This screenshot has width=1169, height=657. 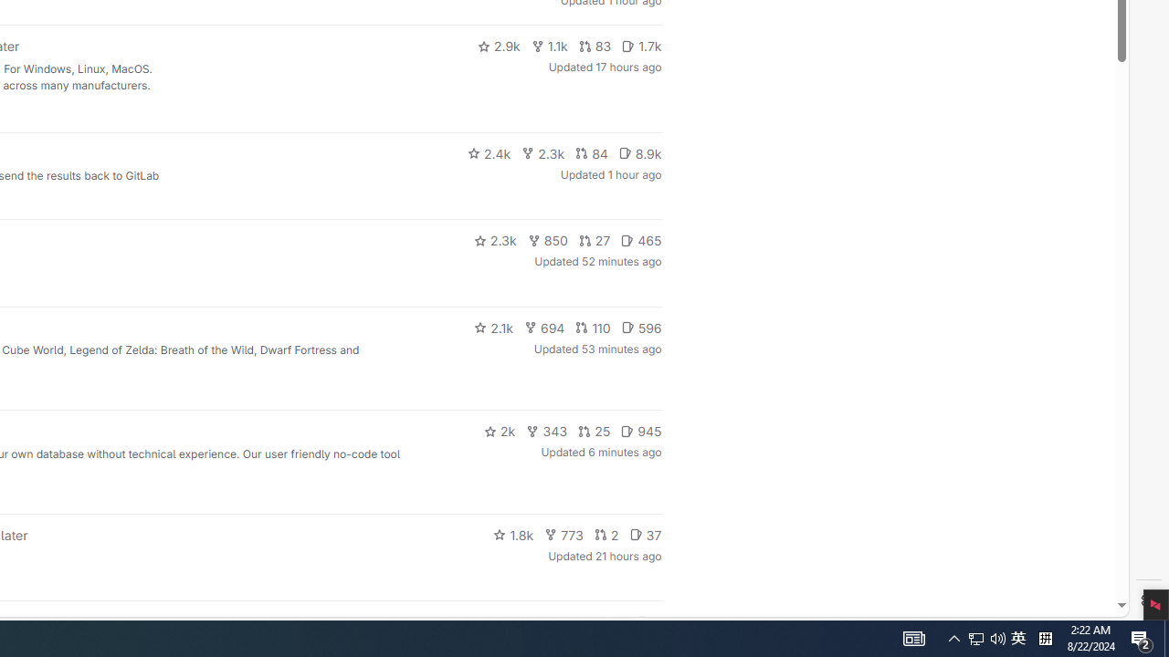 I want to click on '83', so click(x=595, y=46).